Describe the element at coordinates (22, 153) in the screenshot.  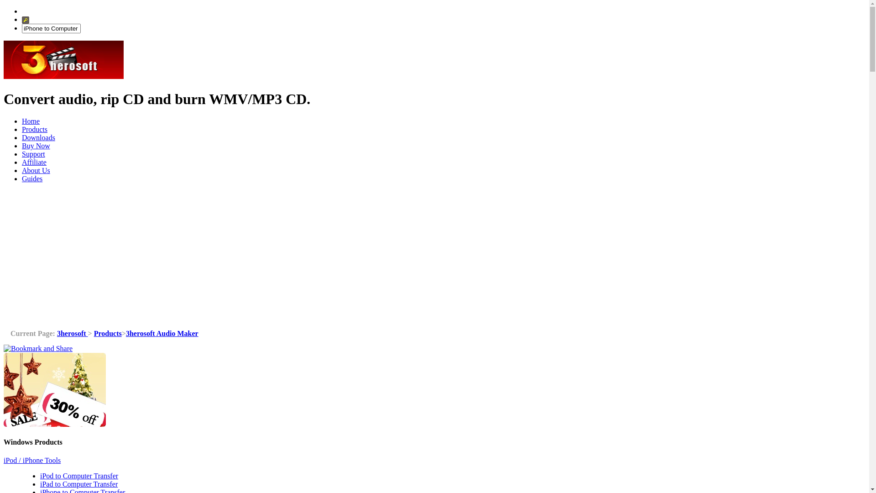
I see `'Support'` at that location.